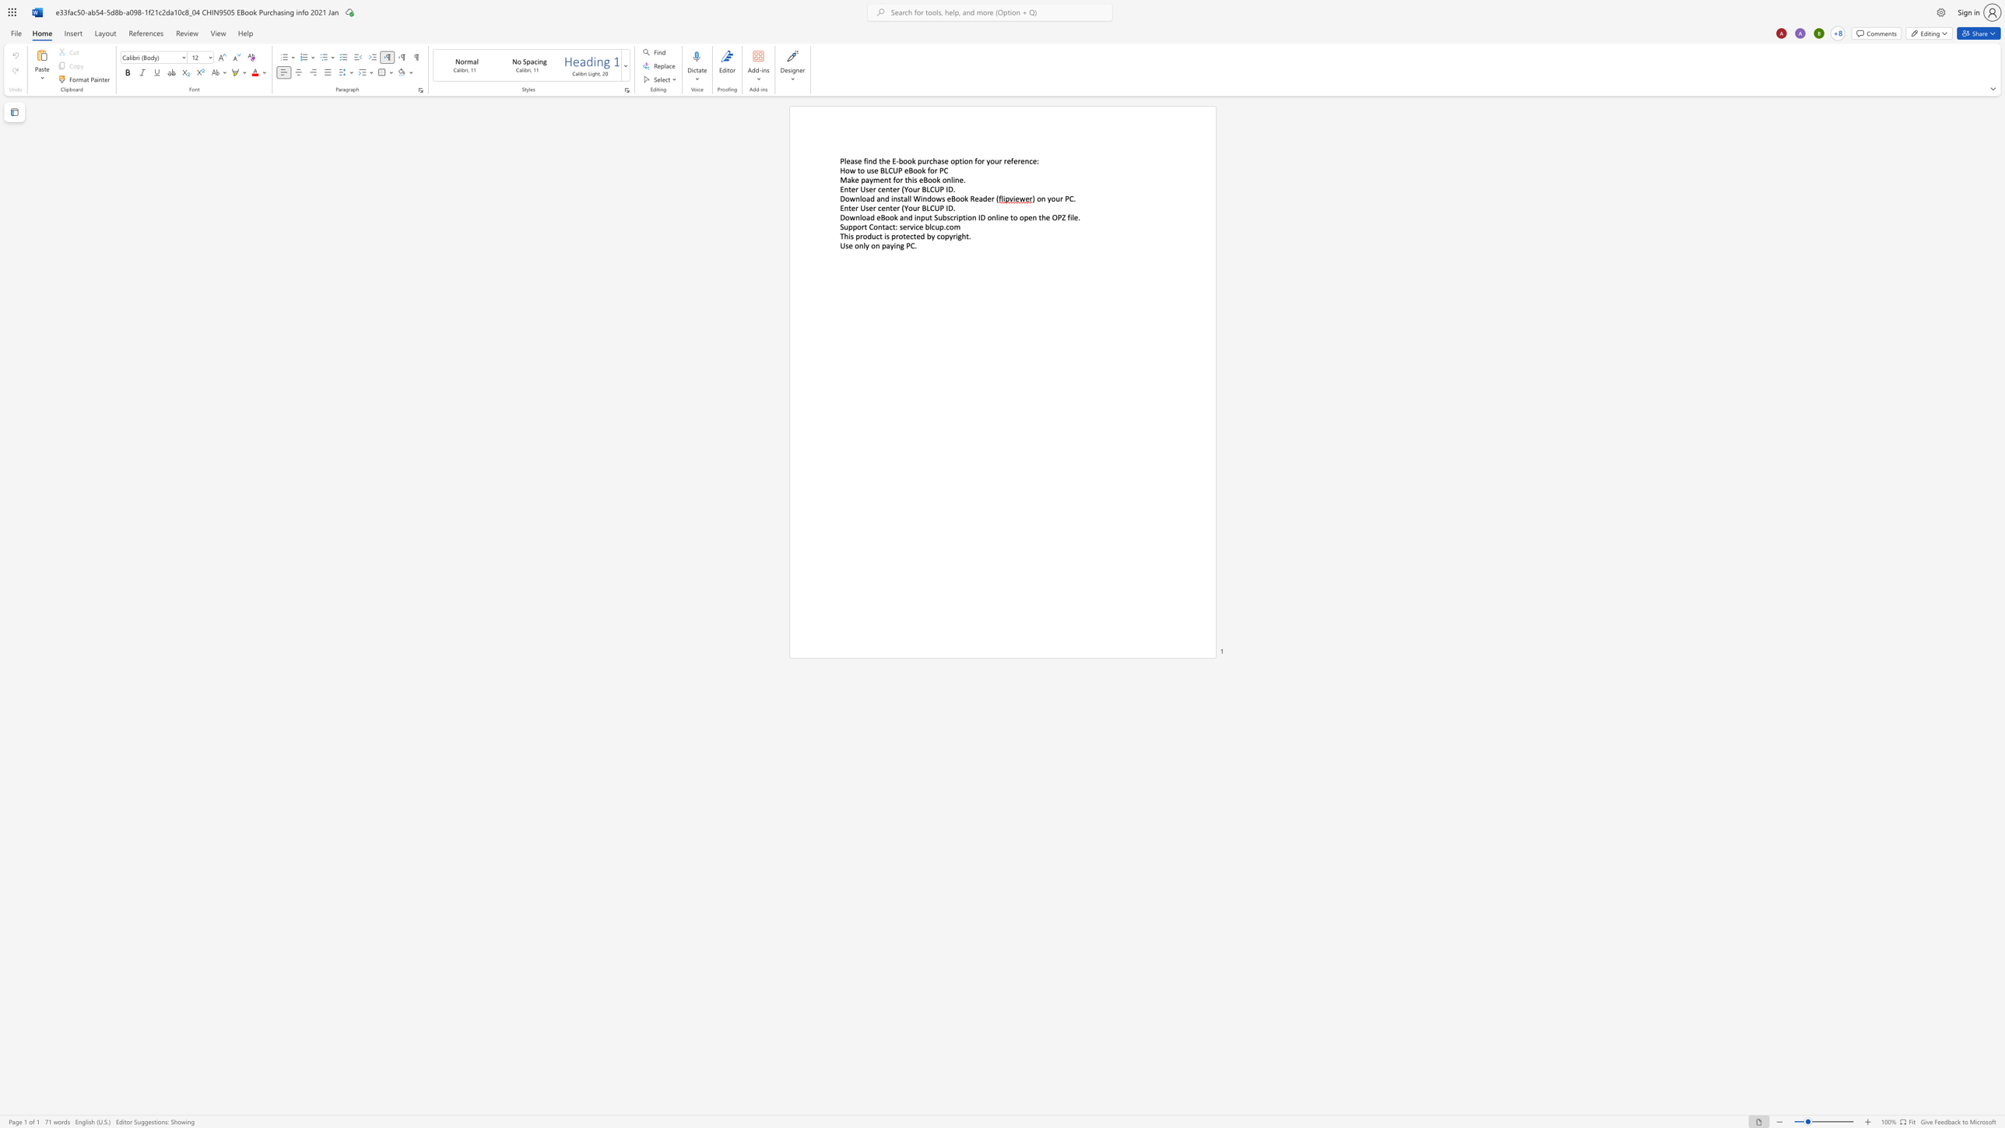 The image size is (2005, 1128). I want to click on the 1th character "e" in the text, so click(853, 208).